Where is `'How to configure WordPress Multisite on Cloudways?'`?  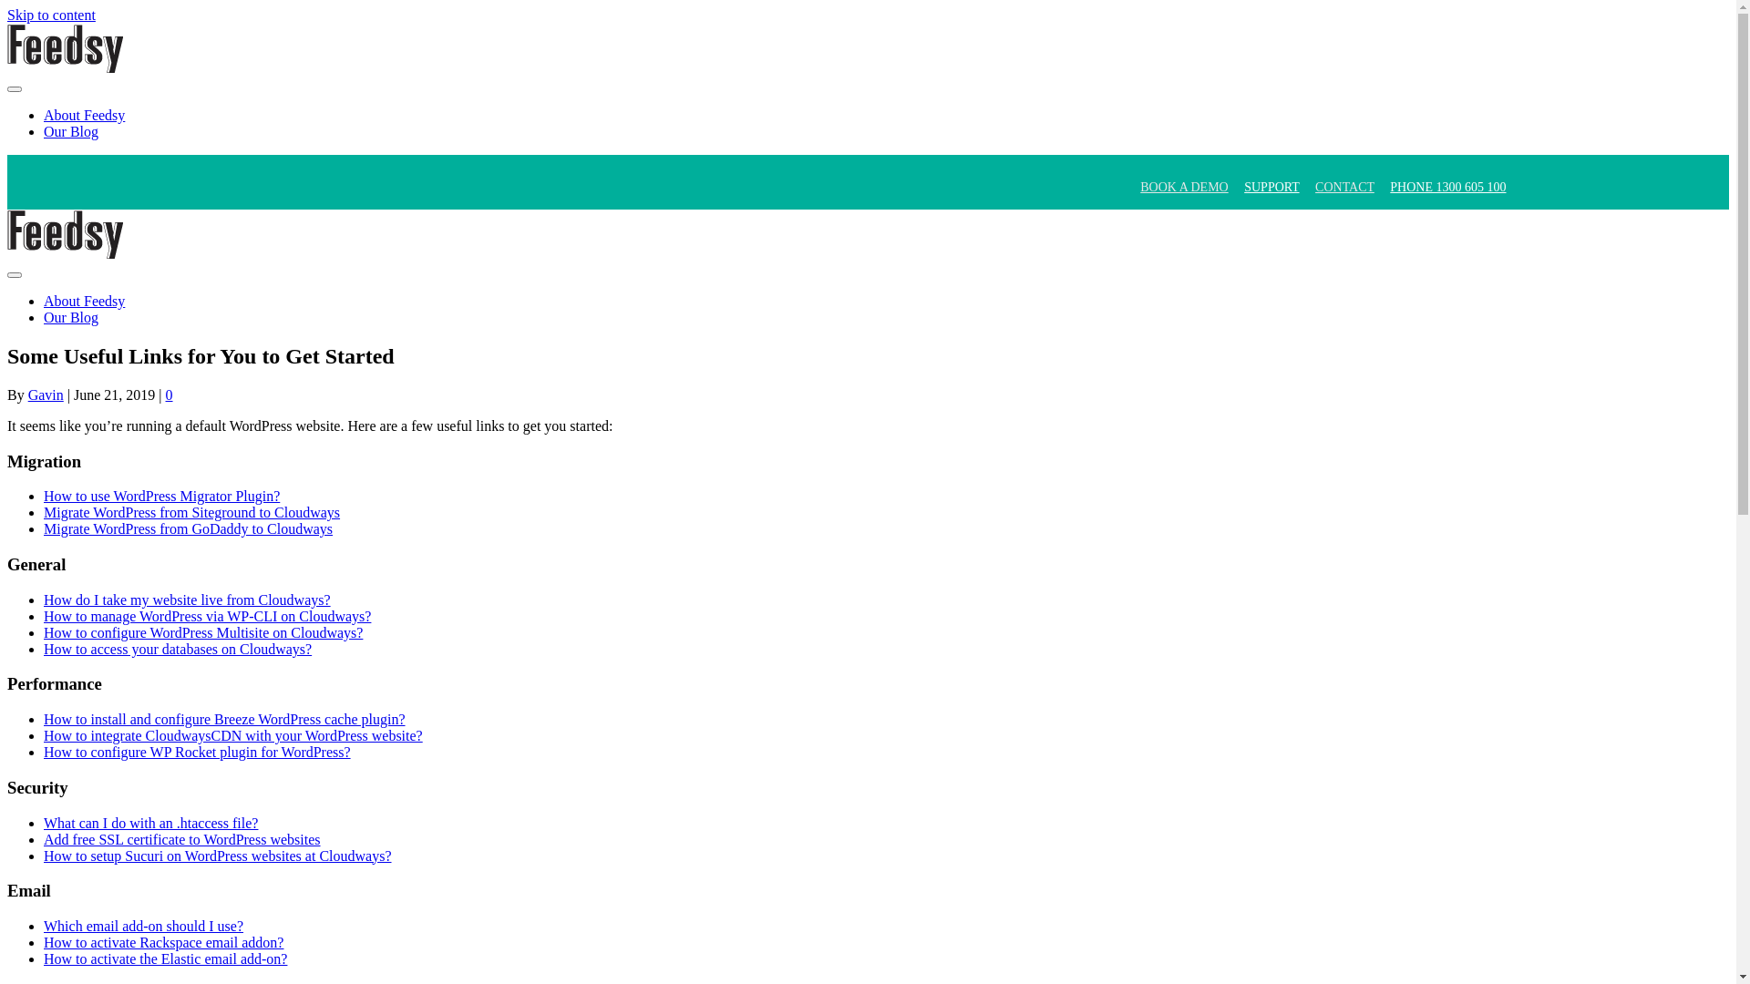 'How to configure WordPress Multisite on Cloudways?' is located at coordinates (202, 631).